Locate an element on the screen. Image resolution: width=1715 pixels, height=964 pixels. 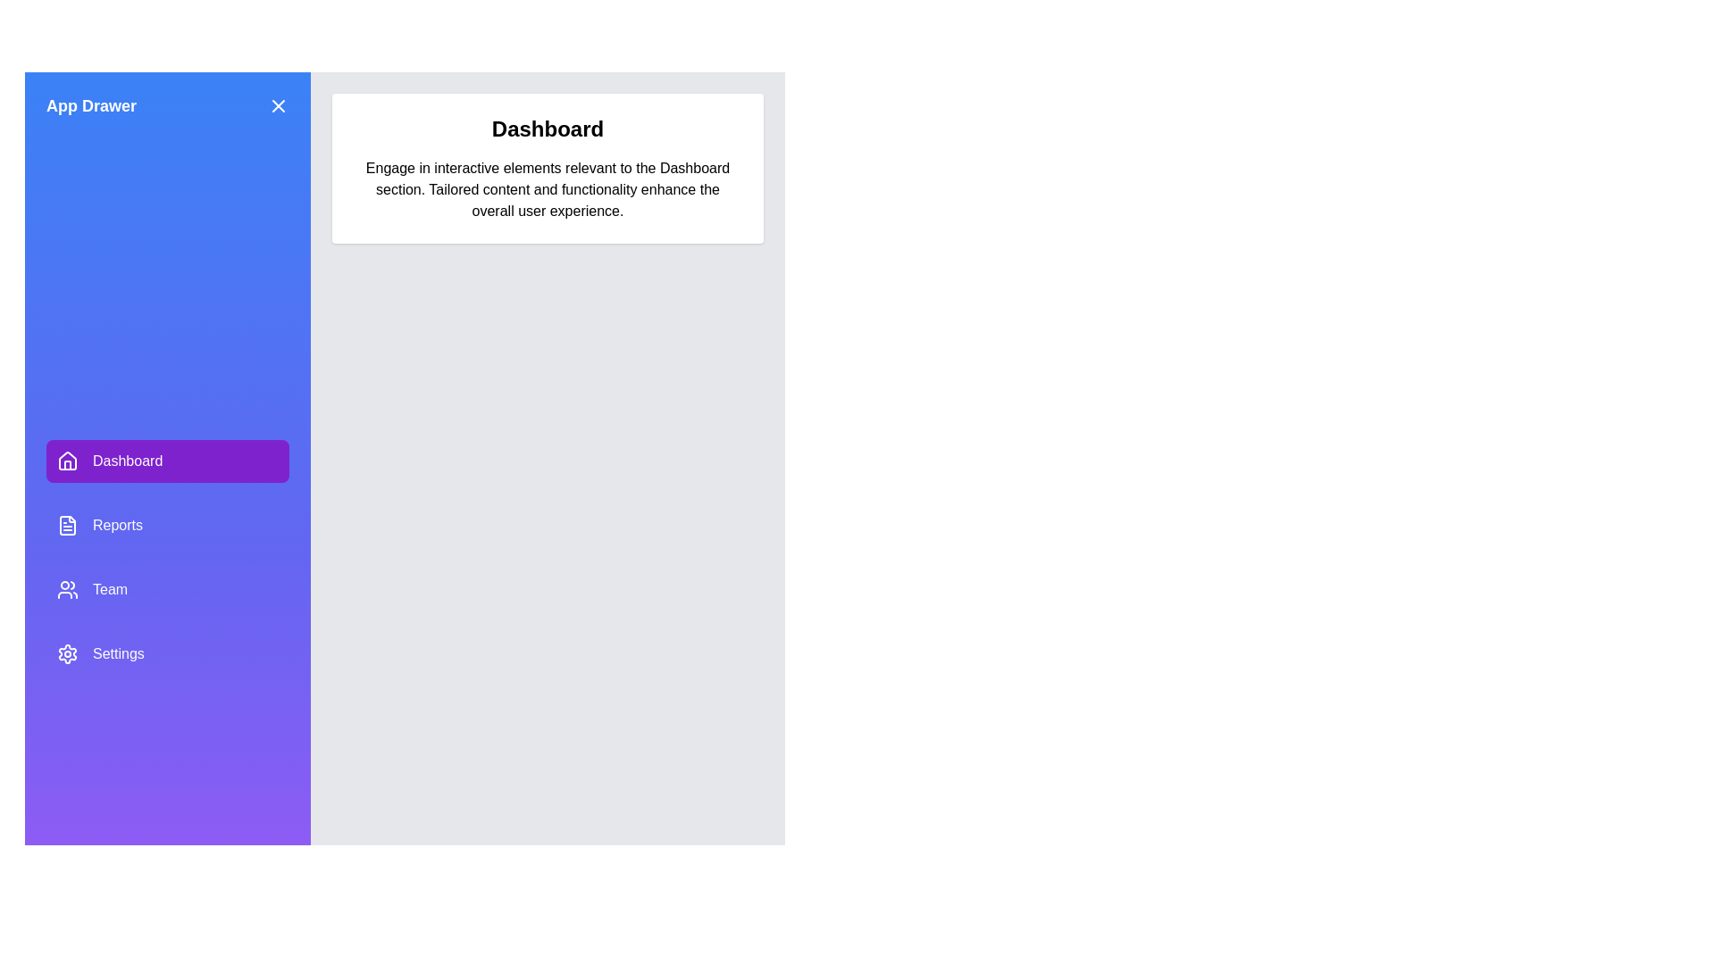
the Reports from the drawer menu is located at coordinates (167, 525).